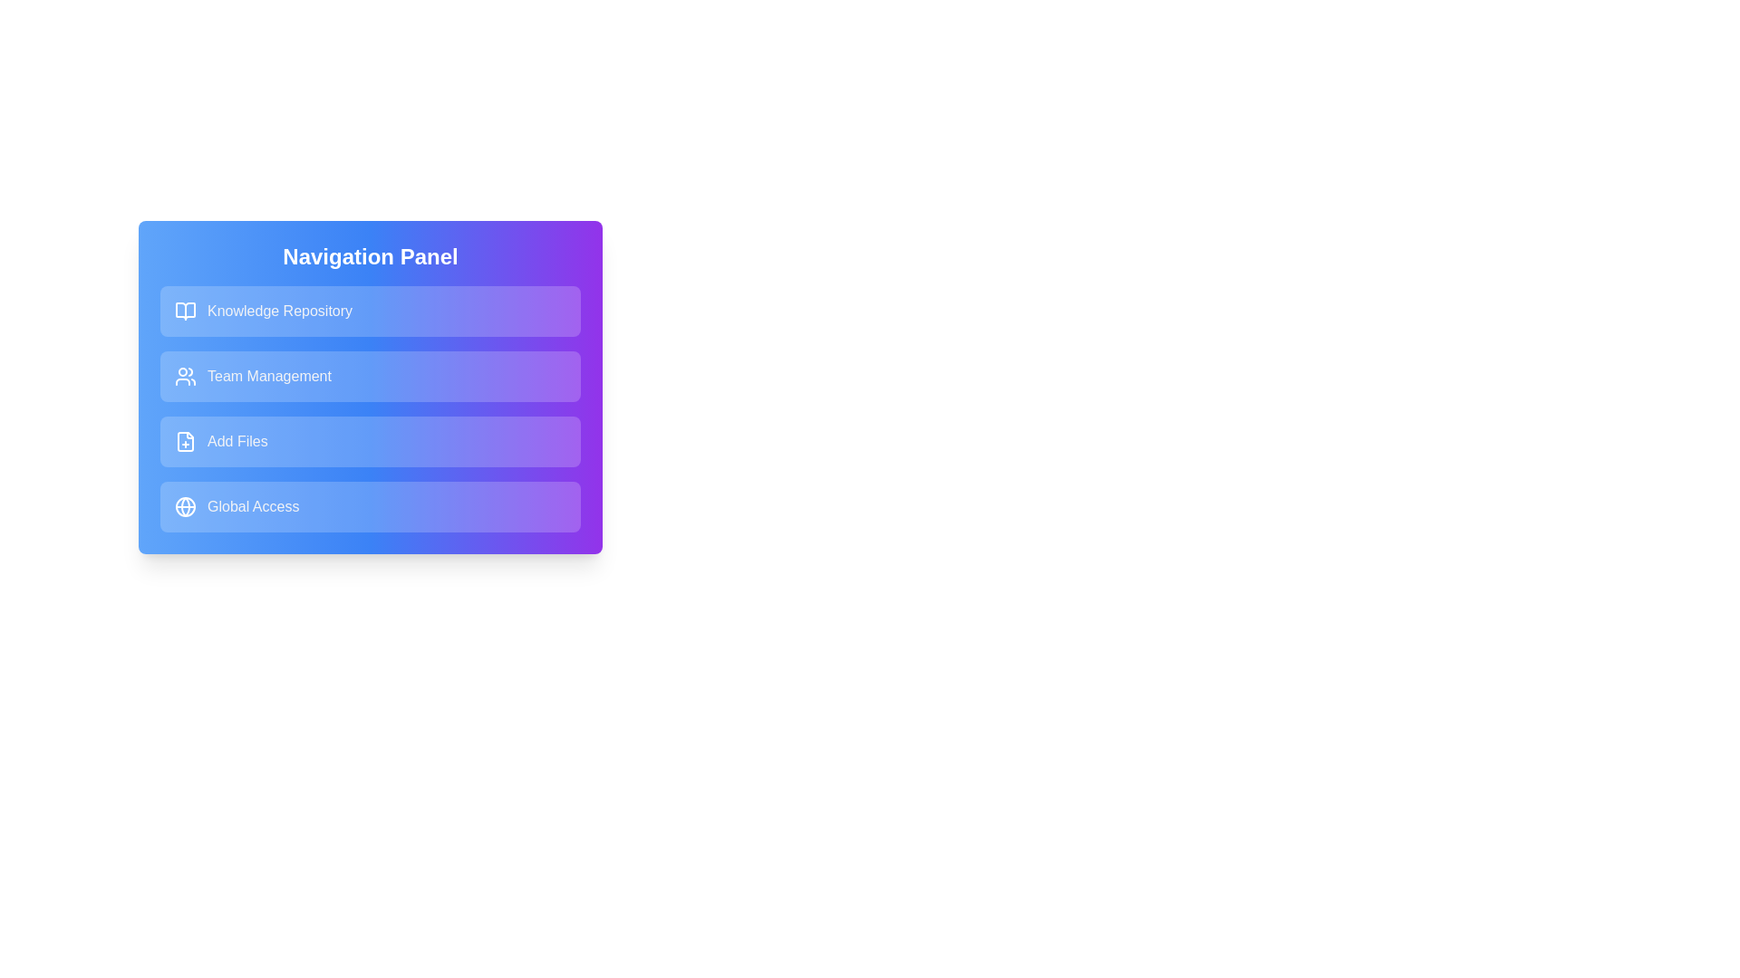  What do you see at coordinates (186, 442) in the screenshot?
I see `the icon associated with the navigation item labeled Add Files` at bounding box center [186, 442].